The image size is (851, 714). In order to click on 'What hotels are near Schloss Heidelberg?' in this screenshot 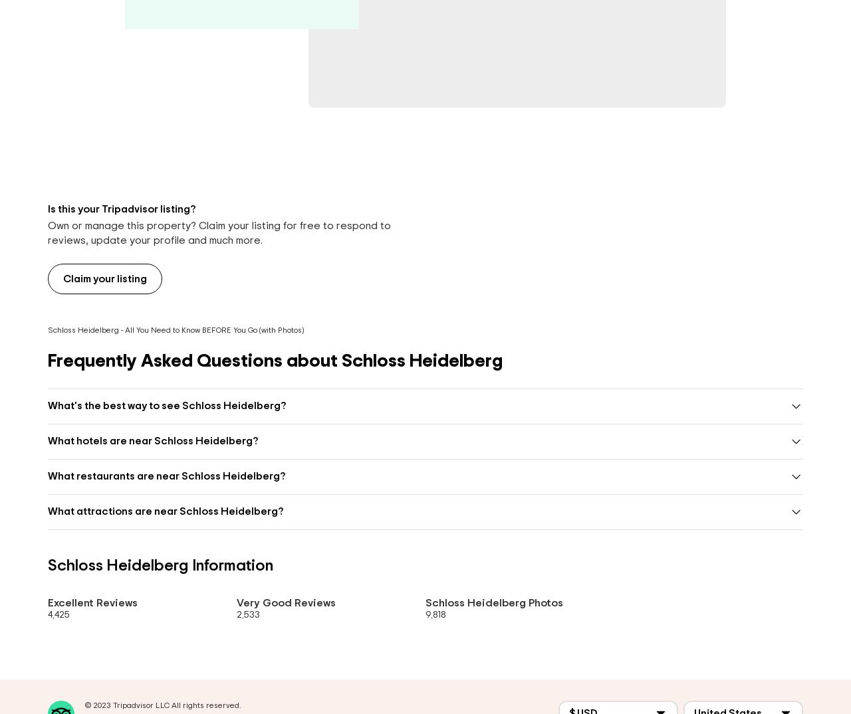, I will do `click(153, 441)`.